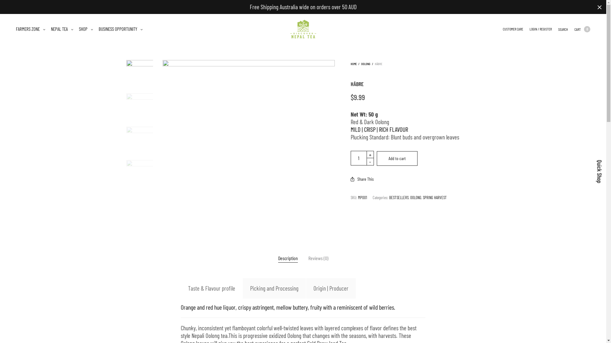  What do you see at coordinates (530, 29) in the screenshot?
I see `'LOGIN / REGISTER'` at bounding box center [530, 29].